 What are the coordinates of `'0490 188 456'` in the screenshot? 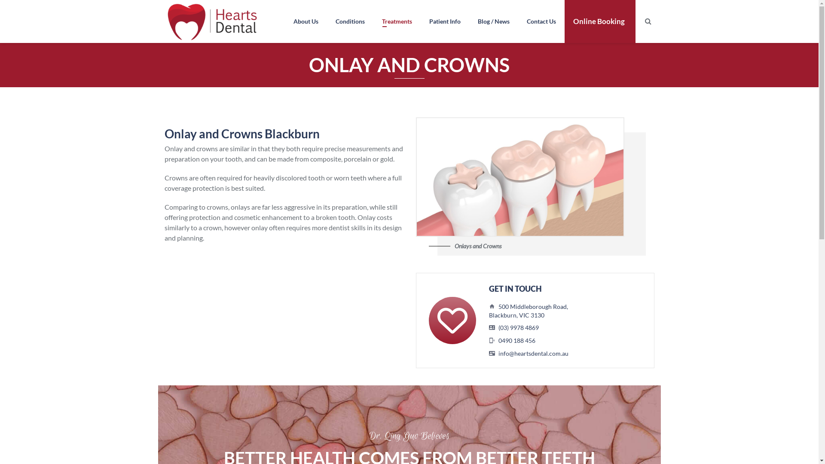 It's located at (516, 340).